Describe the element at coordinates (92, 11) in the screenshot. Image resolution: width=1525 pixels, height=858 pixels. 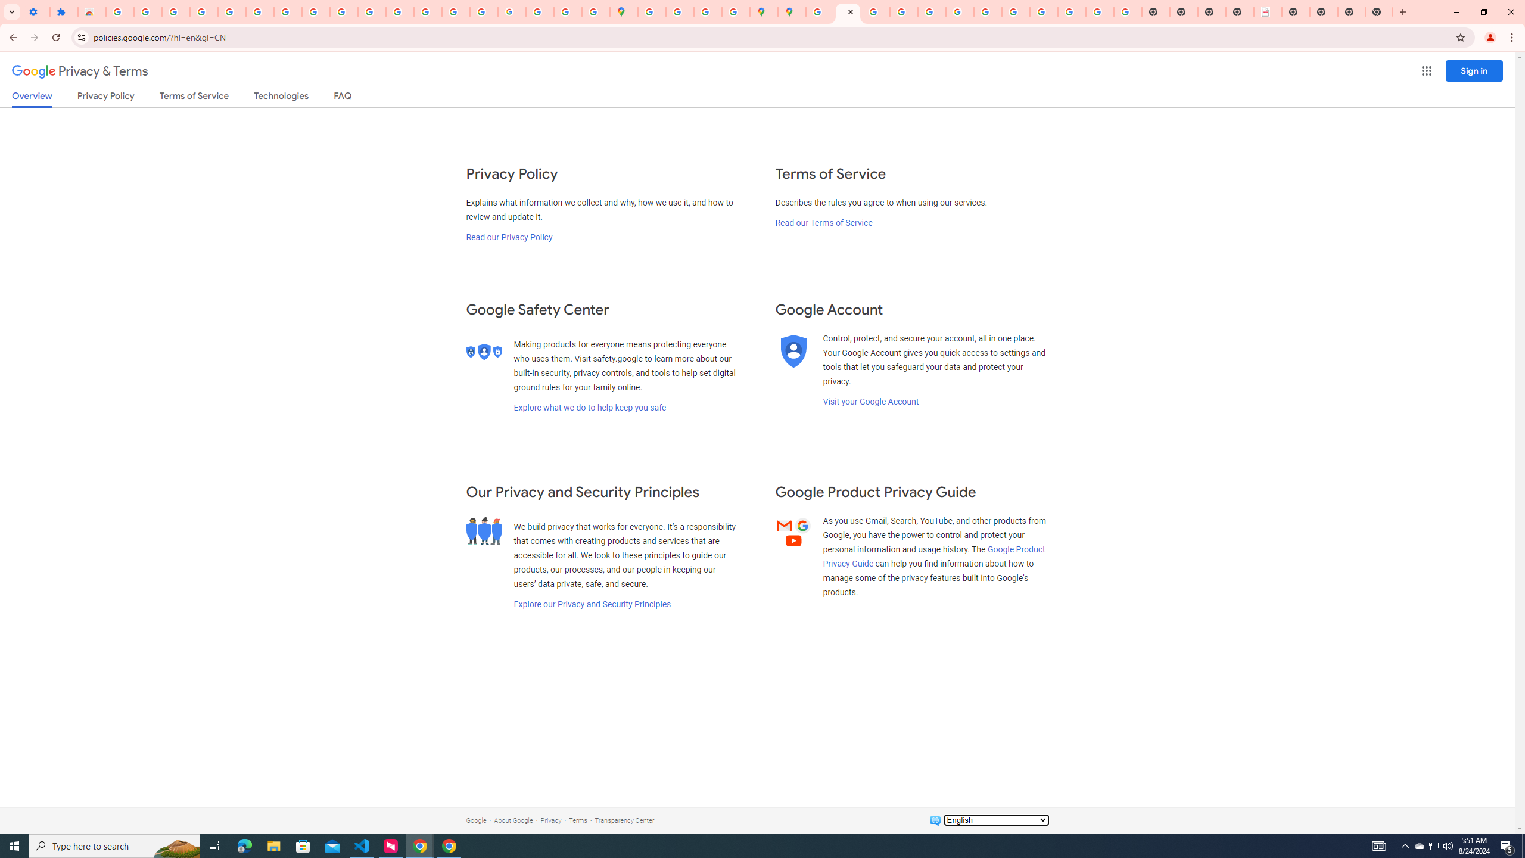
I see `'Reviews: Helix Fruit Jump Arcade Game'` at that location.